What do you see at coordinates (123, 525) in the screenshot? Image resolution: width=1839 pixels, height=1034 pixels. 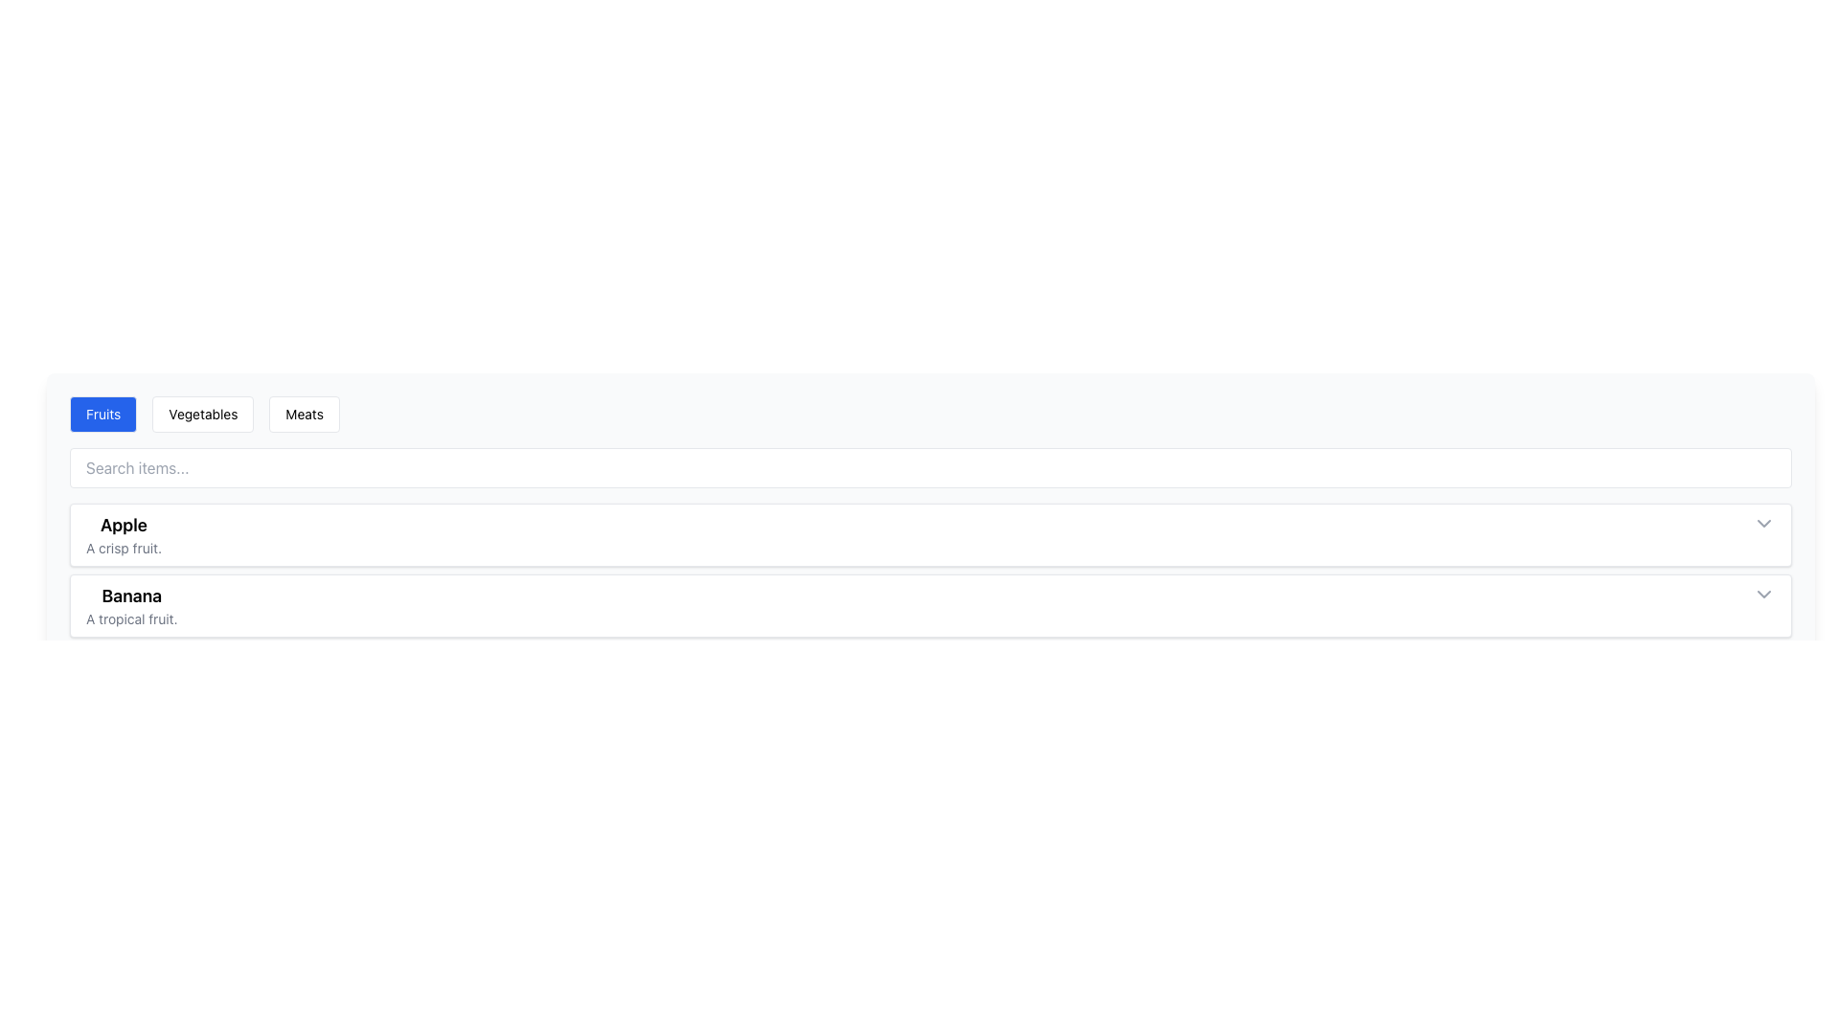 I see `the text label displaying 'Apple'` at bounding box center [123, 525].